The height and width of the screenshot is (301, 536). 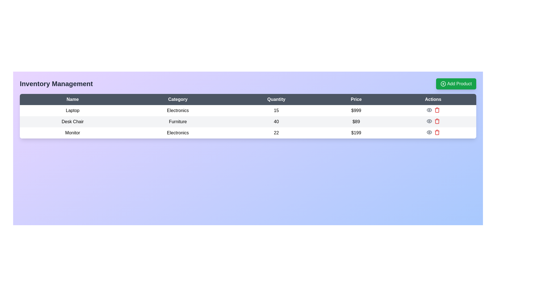 What do you see at coordinates (433, 110) in the screenshot?
I see `the eye icon in the Actions column for the row displaying 'Laptop'` at bounding box center [433, 110].